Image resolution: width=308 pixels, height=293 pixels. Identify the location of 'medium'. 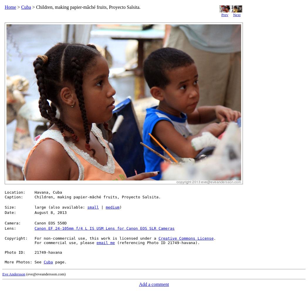
(112, 207).